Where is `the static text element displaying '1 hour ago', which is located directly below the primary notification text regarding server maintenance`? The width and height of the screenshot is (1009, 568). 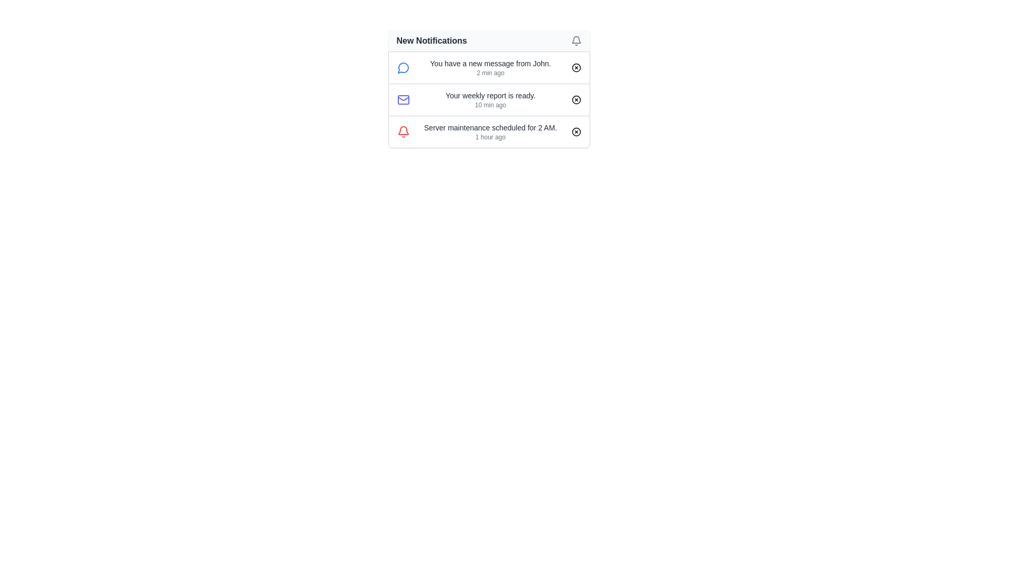 the static text element displaying '1 hour ago', which is located directly below the primary notification text regarding server maintenance is located at coordinates (490, 137).